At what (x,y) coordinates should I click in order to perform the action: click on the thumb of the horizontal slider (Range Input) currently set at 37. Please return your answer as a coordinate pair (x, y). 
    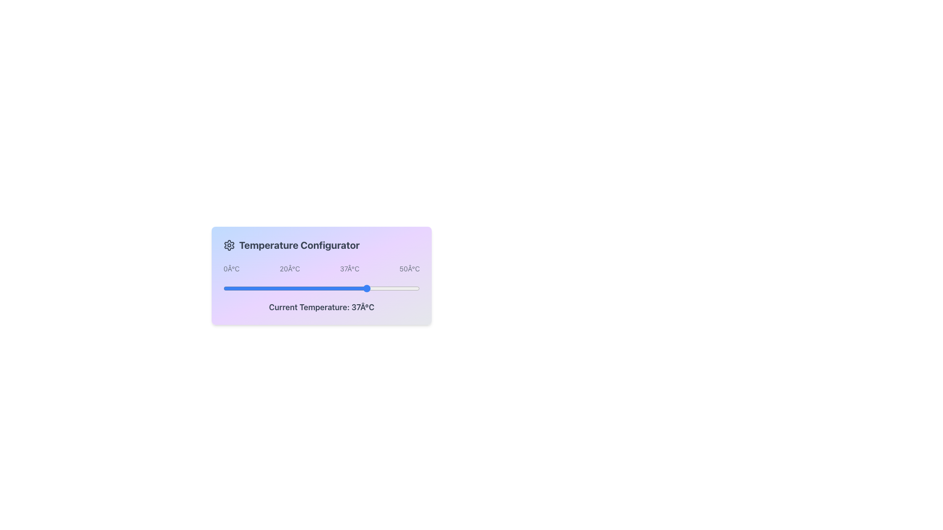
    Looking at the image, I should click on (321, 287).